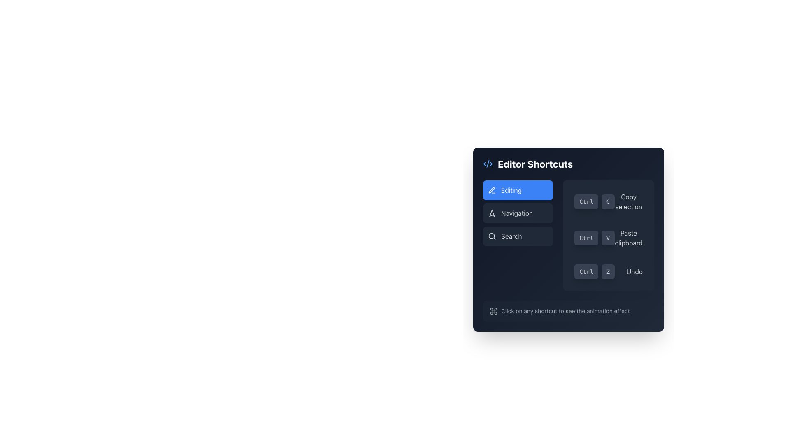 Image resolution: width=790 pixels, height=444 pixels. Describe the element at coordinates (608, 236) in the screenshot. I see `the UI component grouping shortcut commands, which includes buttons for 'Ctrl + C', 'Ctrl + V', and 'Ctrl + Z' with descriptive text` at that location.